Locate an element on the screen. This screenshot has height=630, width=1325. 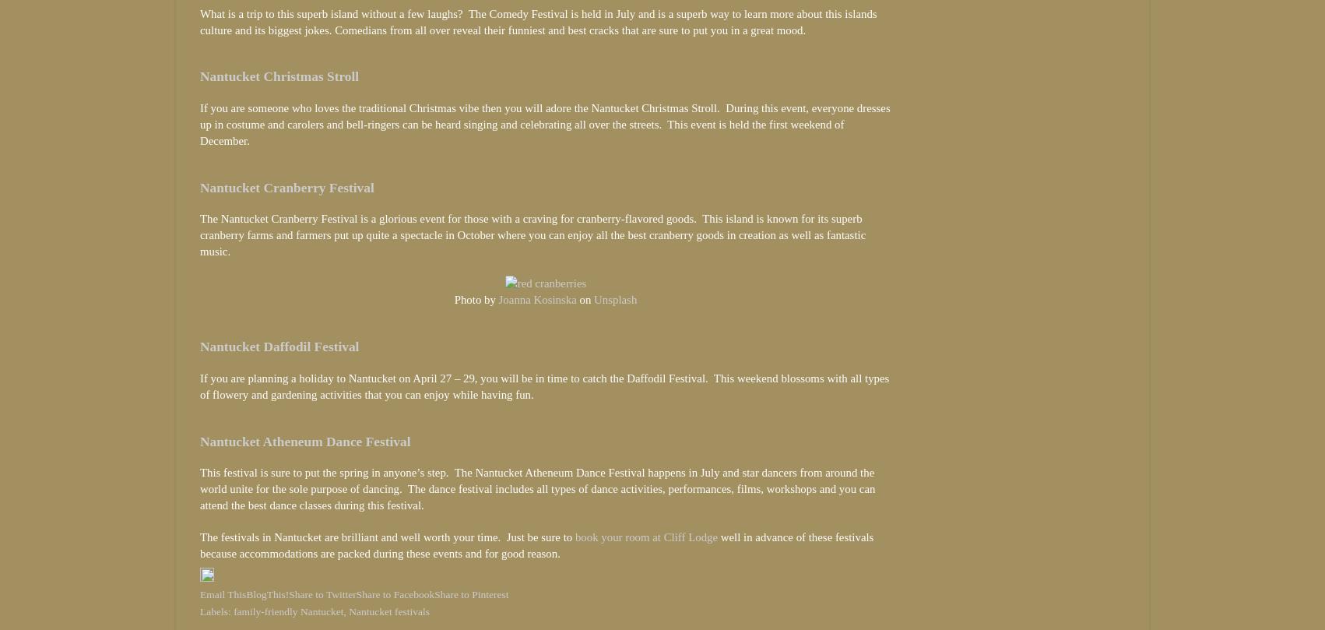
',' is located at coordinates (345, 610).